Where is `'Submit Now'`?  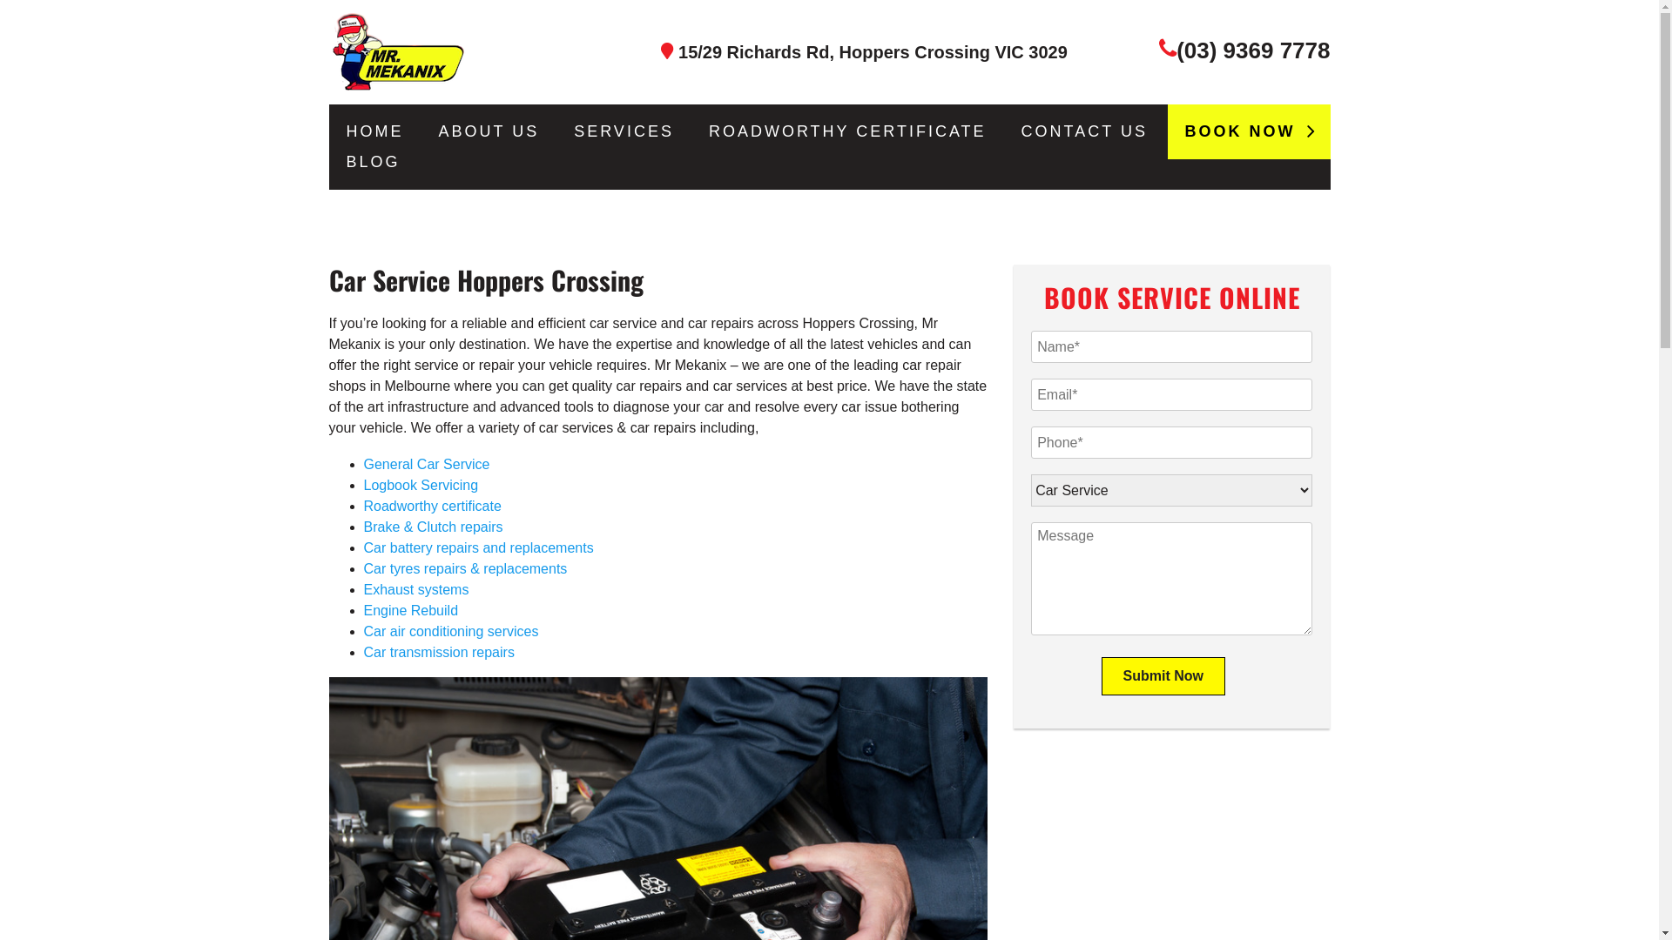
'Submit Now' is located at coordinates (1163, 675).